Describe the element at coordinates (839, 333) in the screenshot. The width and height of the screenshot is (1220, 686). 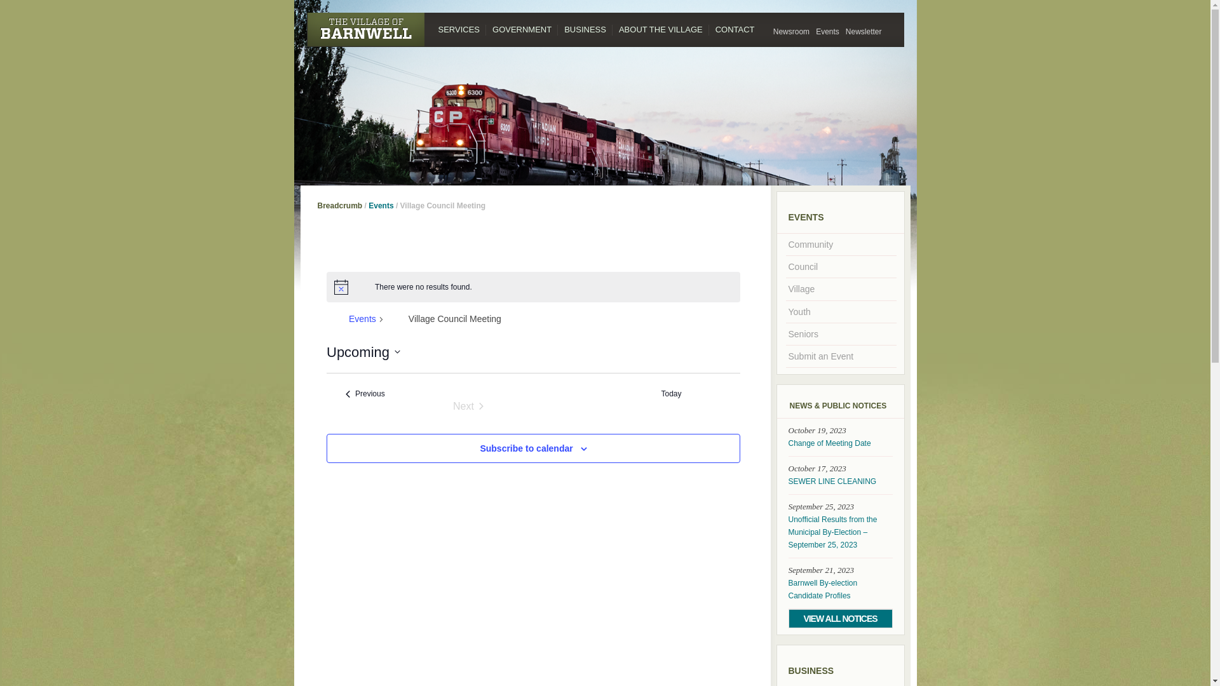
I see `'Seniors'` at that location.